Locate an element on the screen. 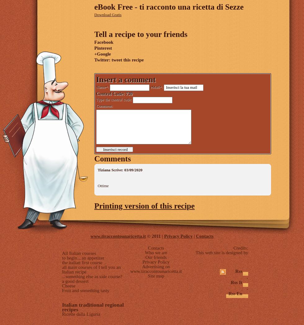 This screenshot has height=325, width=304. 'Name*:' is located at coordinates (103, 87).